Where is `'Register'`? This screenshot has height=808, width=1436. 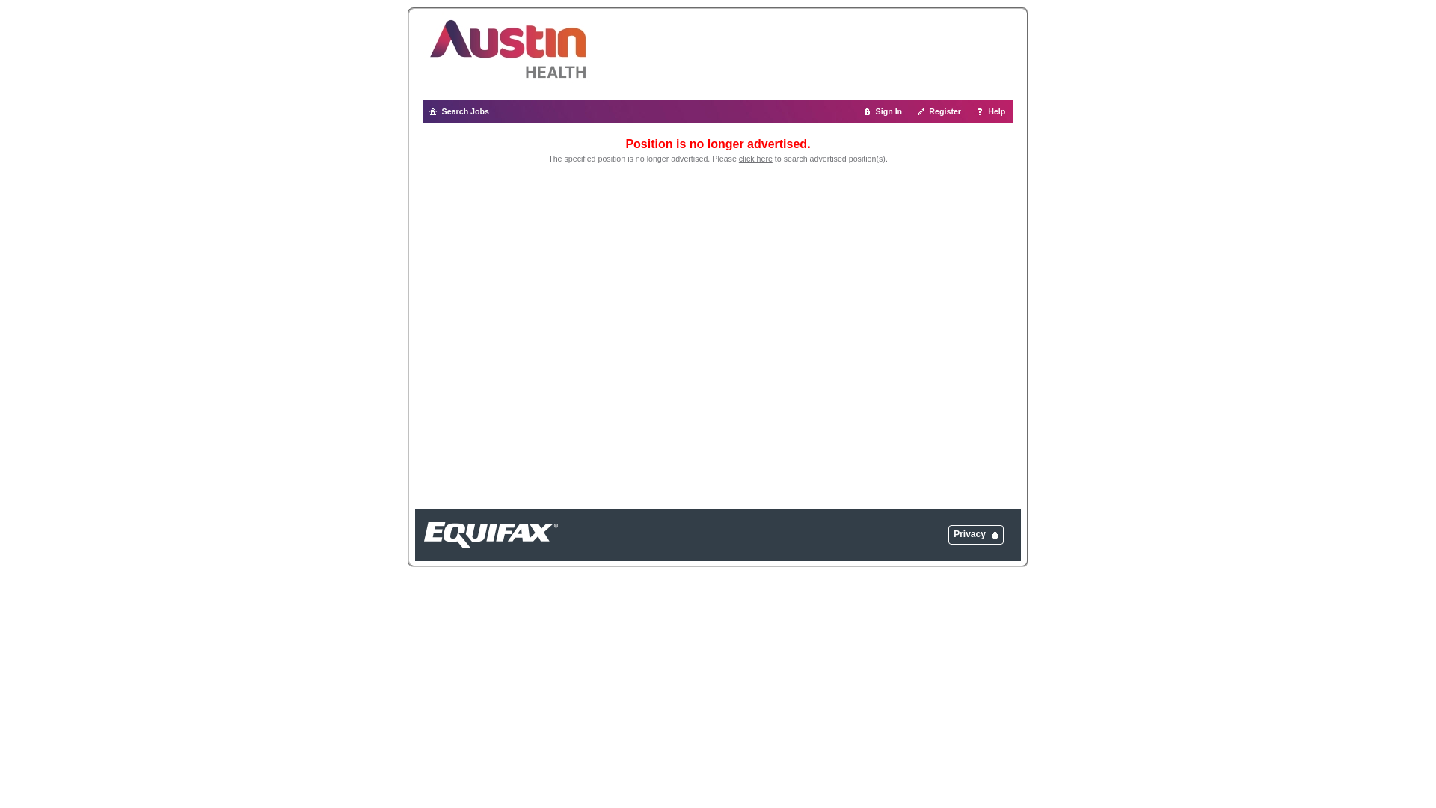 'Register' is located at coordinates (939, 111).